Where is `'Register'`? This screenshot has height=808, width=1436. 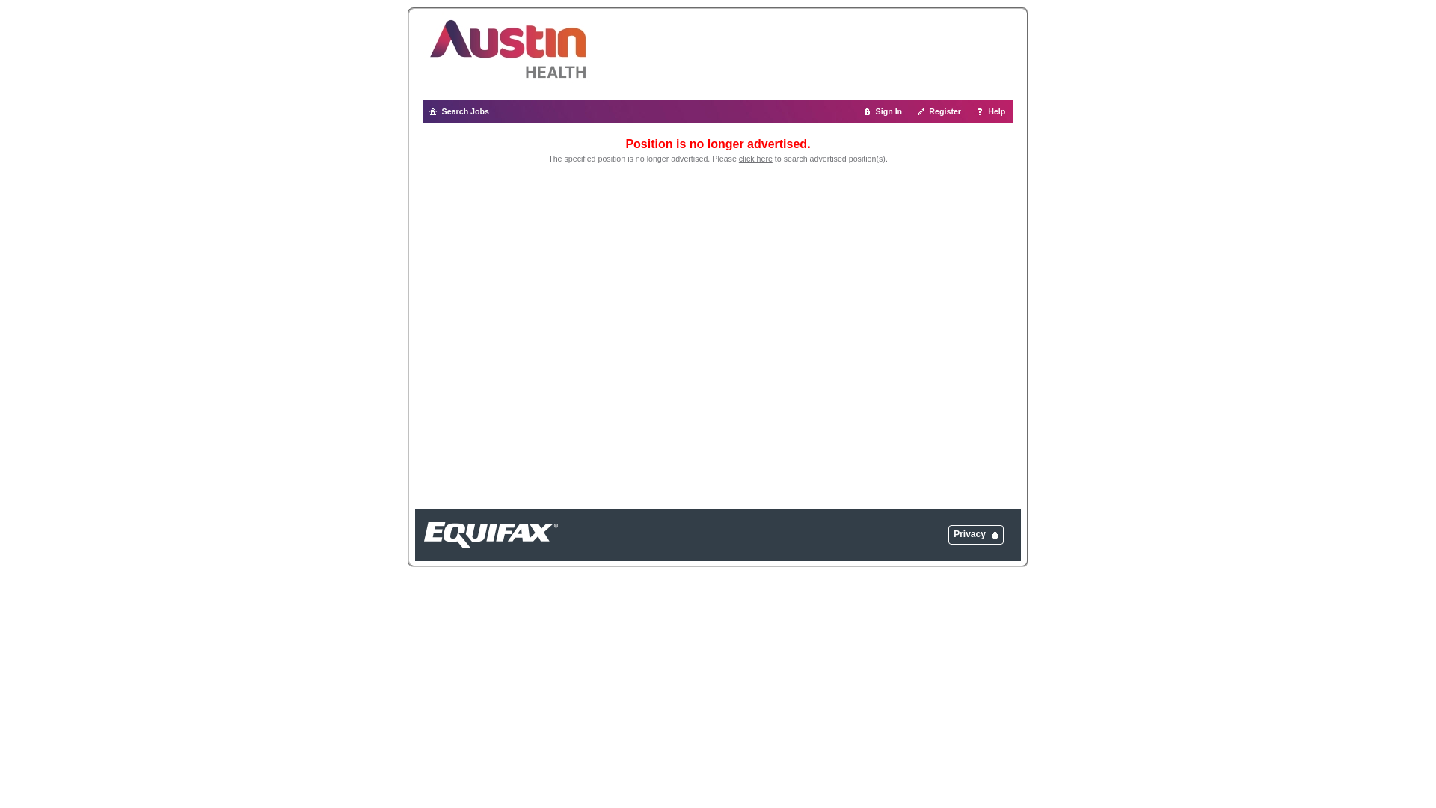 'Register' is located at coordinates (939, 111).